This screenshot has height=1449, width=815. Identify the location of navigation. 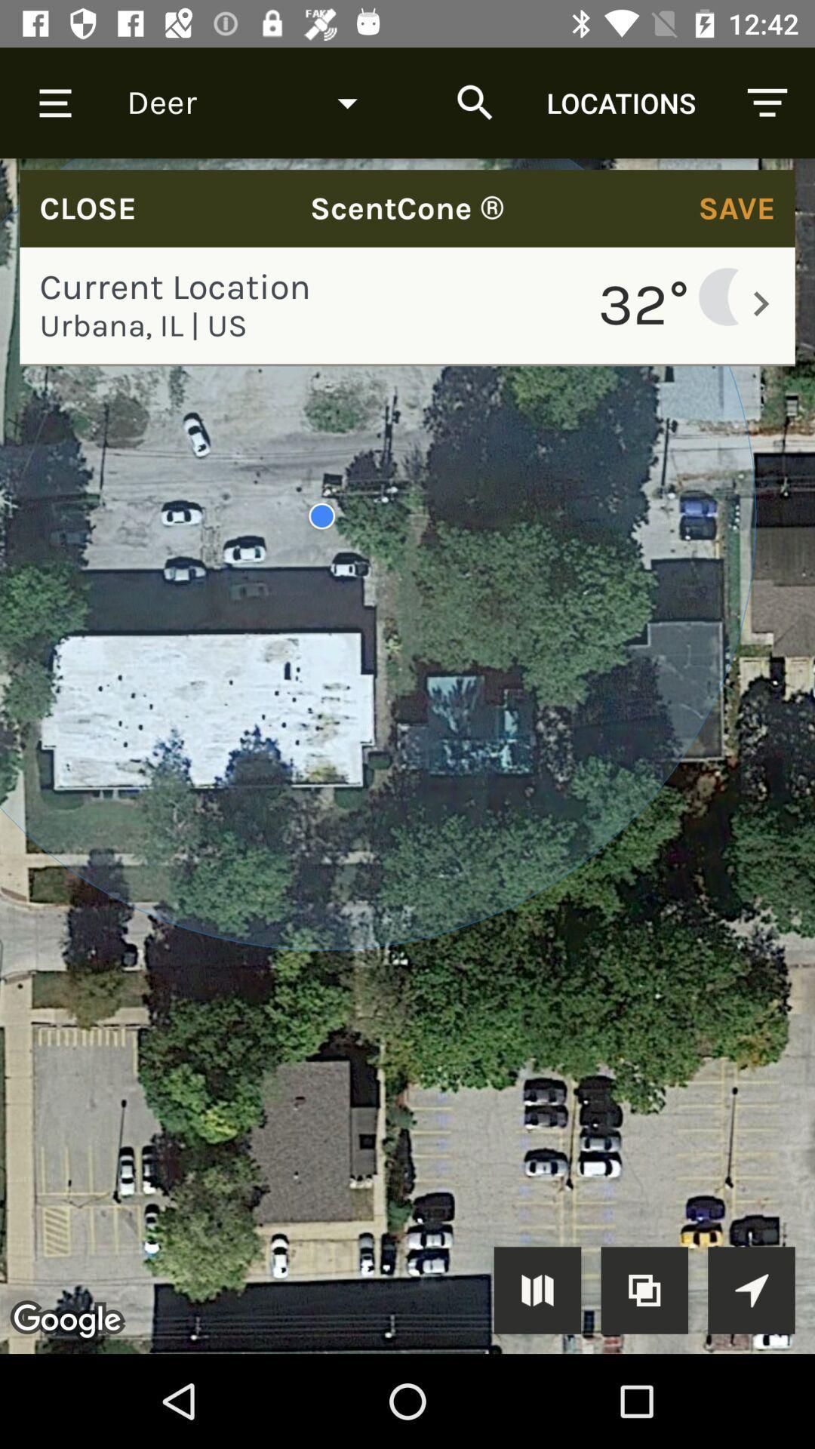
(751, 1289).